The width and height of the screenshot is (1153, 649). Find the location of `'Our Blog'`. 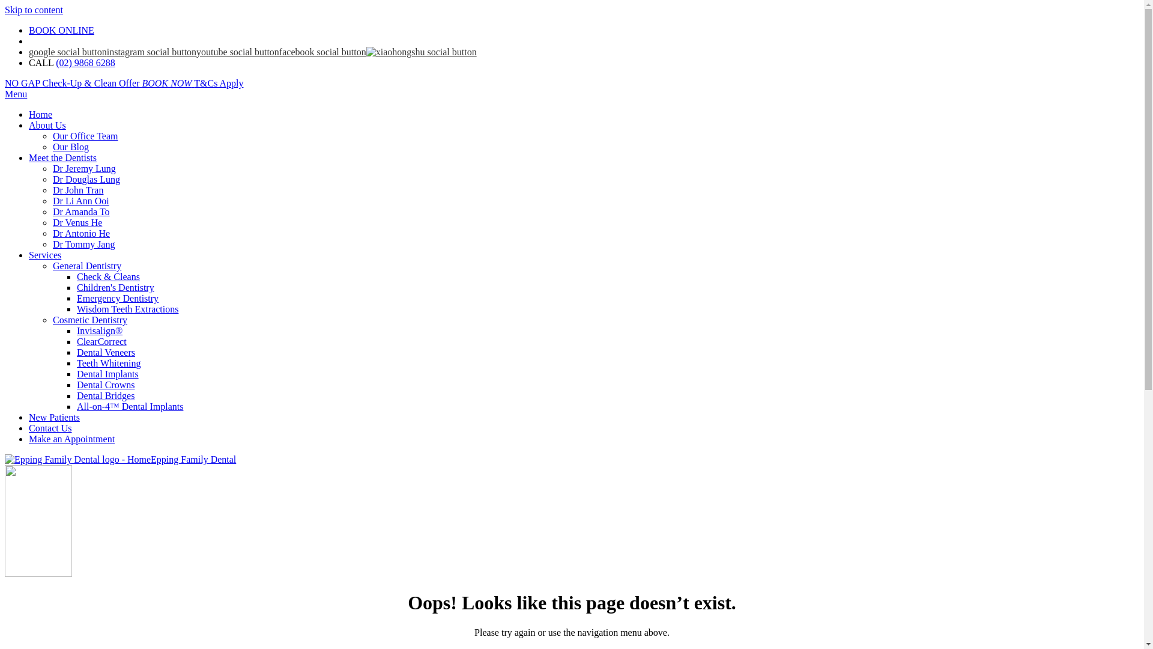

'Our Blog' is located at coordinates (70, 146).